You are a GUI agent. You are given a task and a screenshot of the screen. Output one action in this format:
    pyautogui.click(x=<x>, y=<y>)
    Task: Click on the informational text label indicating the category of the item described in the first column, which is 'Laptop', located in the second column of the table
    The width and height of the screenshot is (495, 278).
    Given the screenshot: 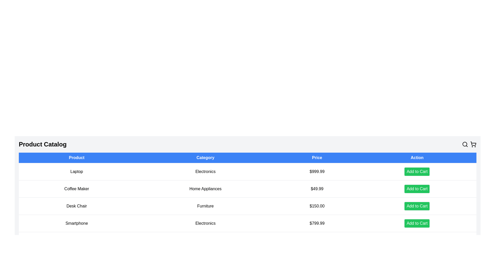 What is the action you would take?
    pyautogui.click(x=205, y=172)
    